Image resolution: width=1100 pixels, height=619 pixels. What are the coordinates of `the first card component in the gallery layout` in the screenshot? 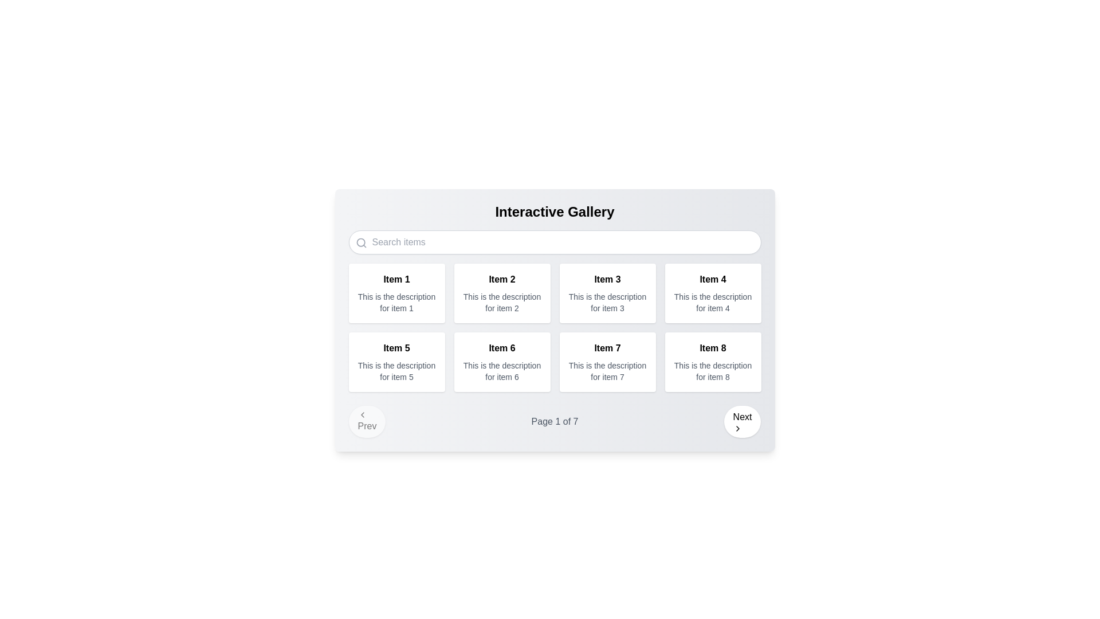 It's located at (396, 293).